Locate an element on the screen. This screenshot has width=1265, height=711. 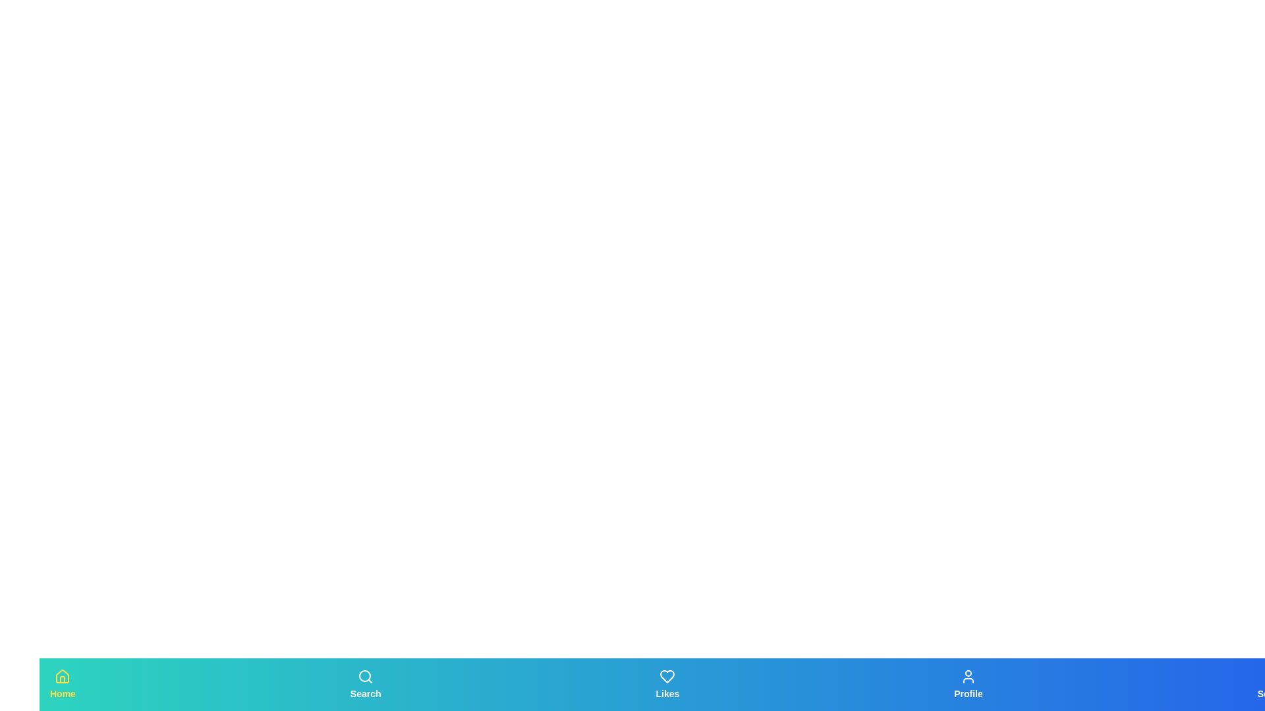
the tab labeled Profile to observe the scaling effect is located at coordinates (968, 684).